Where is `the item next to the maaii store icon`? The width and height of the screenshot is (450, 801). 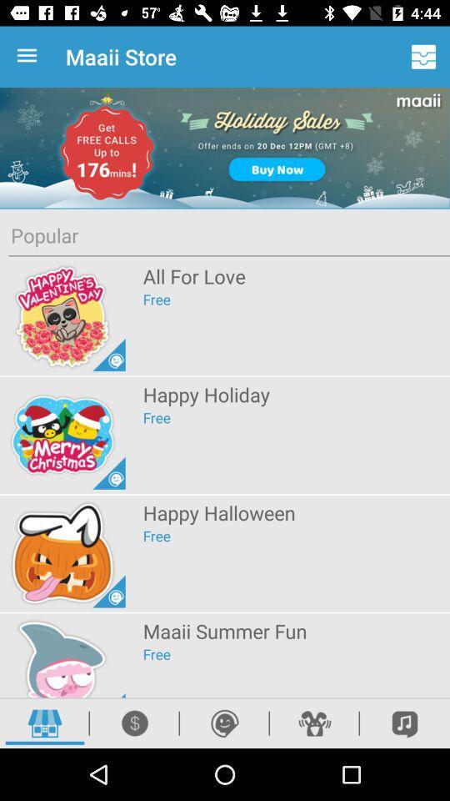
the item next to the maaii store icon is located at coordinates (423, 57).